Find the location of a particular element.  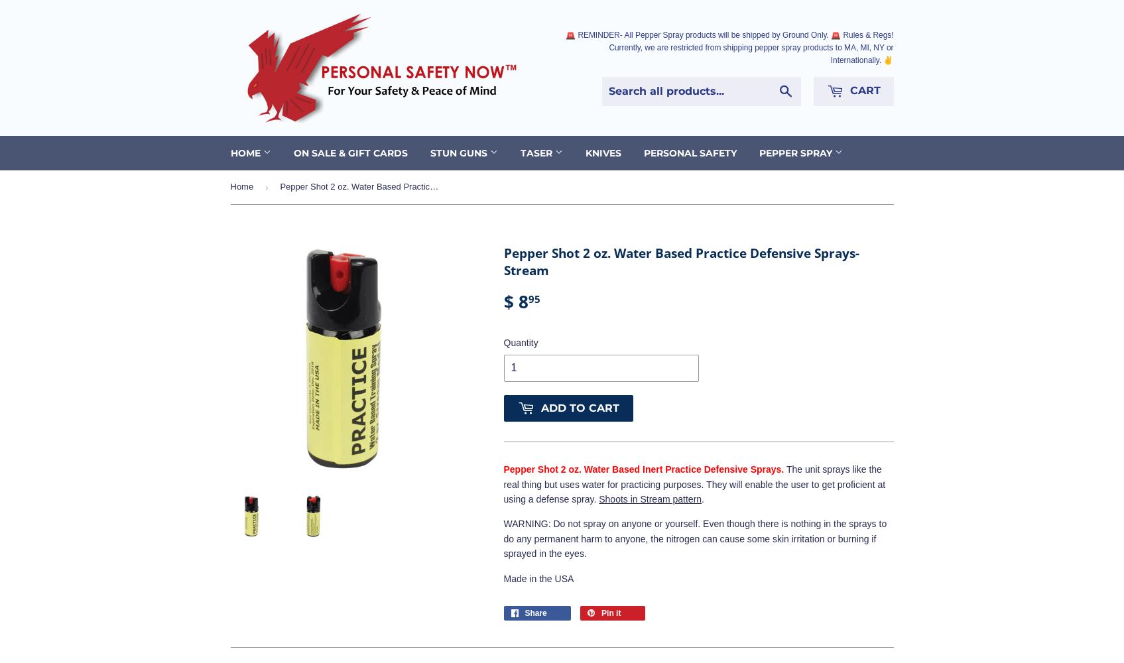

'Taser Bolt 2' is located at coordinates (549, 185).